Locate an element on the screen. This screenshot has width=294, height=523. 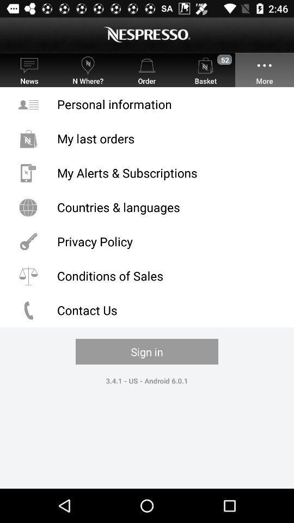
the my last orders item is located at coordinates (147, 138).